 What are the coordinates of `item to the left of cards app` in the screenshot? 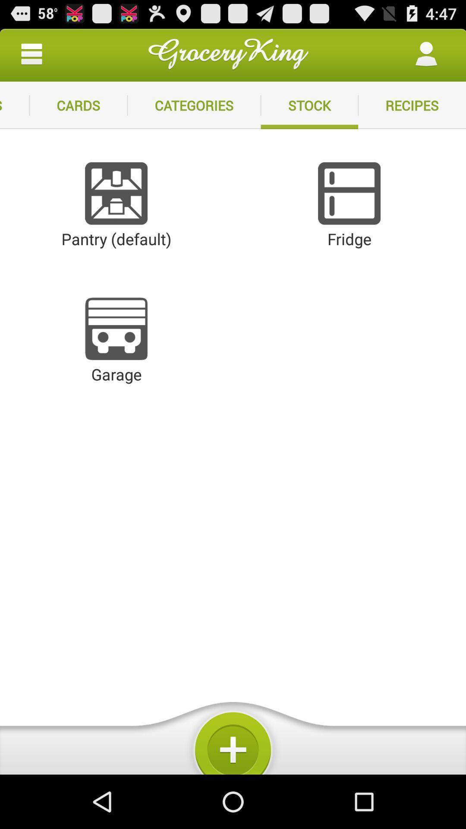 It's located at (15, 105).